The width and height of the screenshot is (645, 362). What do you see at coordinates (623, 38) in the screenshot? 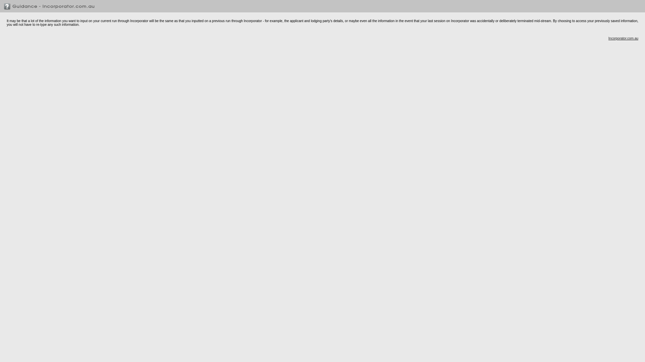
I see `'Incorporator.com.au'` at bounding box center [623, 38].